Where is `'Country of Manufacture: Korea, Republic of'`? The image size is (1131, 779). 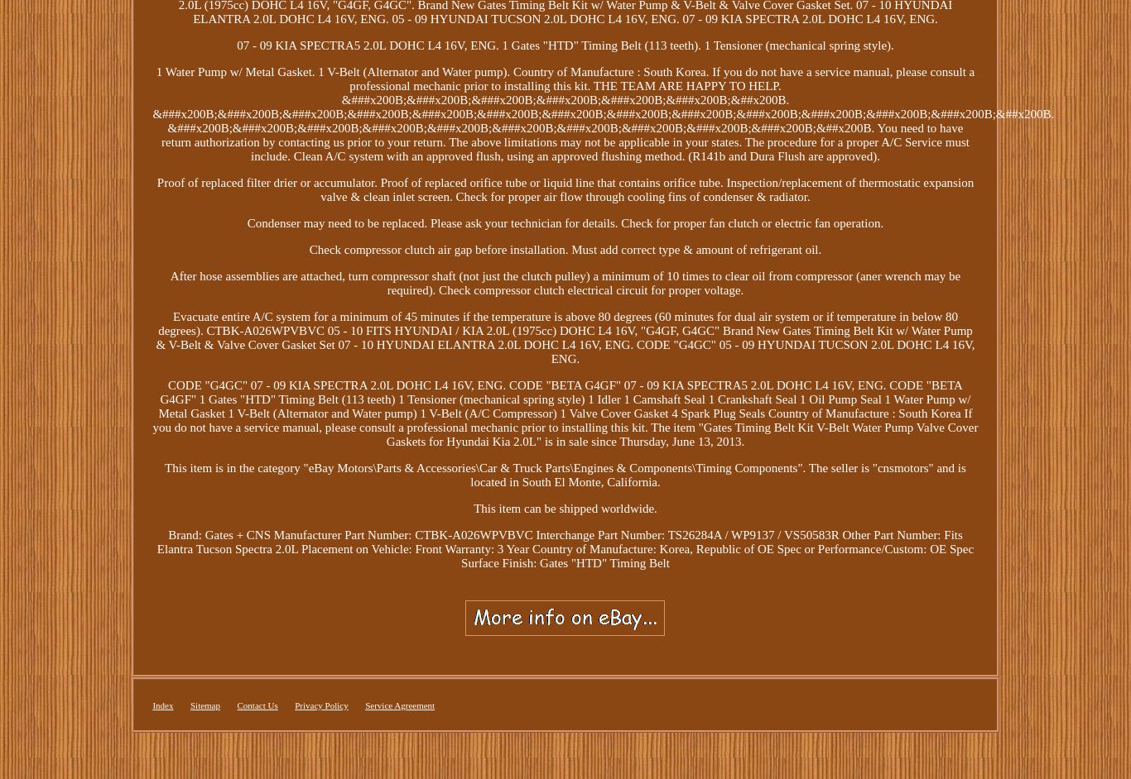 'Country of Manufacture: Korea, Republic of' is located at coordinates (643, 549).